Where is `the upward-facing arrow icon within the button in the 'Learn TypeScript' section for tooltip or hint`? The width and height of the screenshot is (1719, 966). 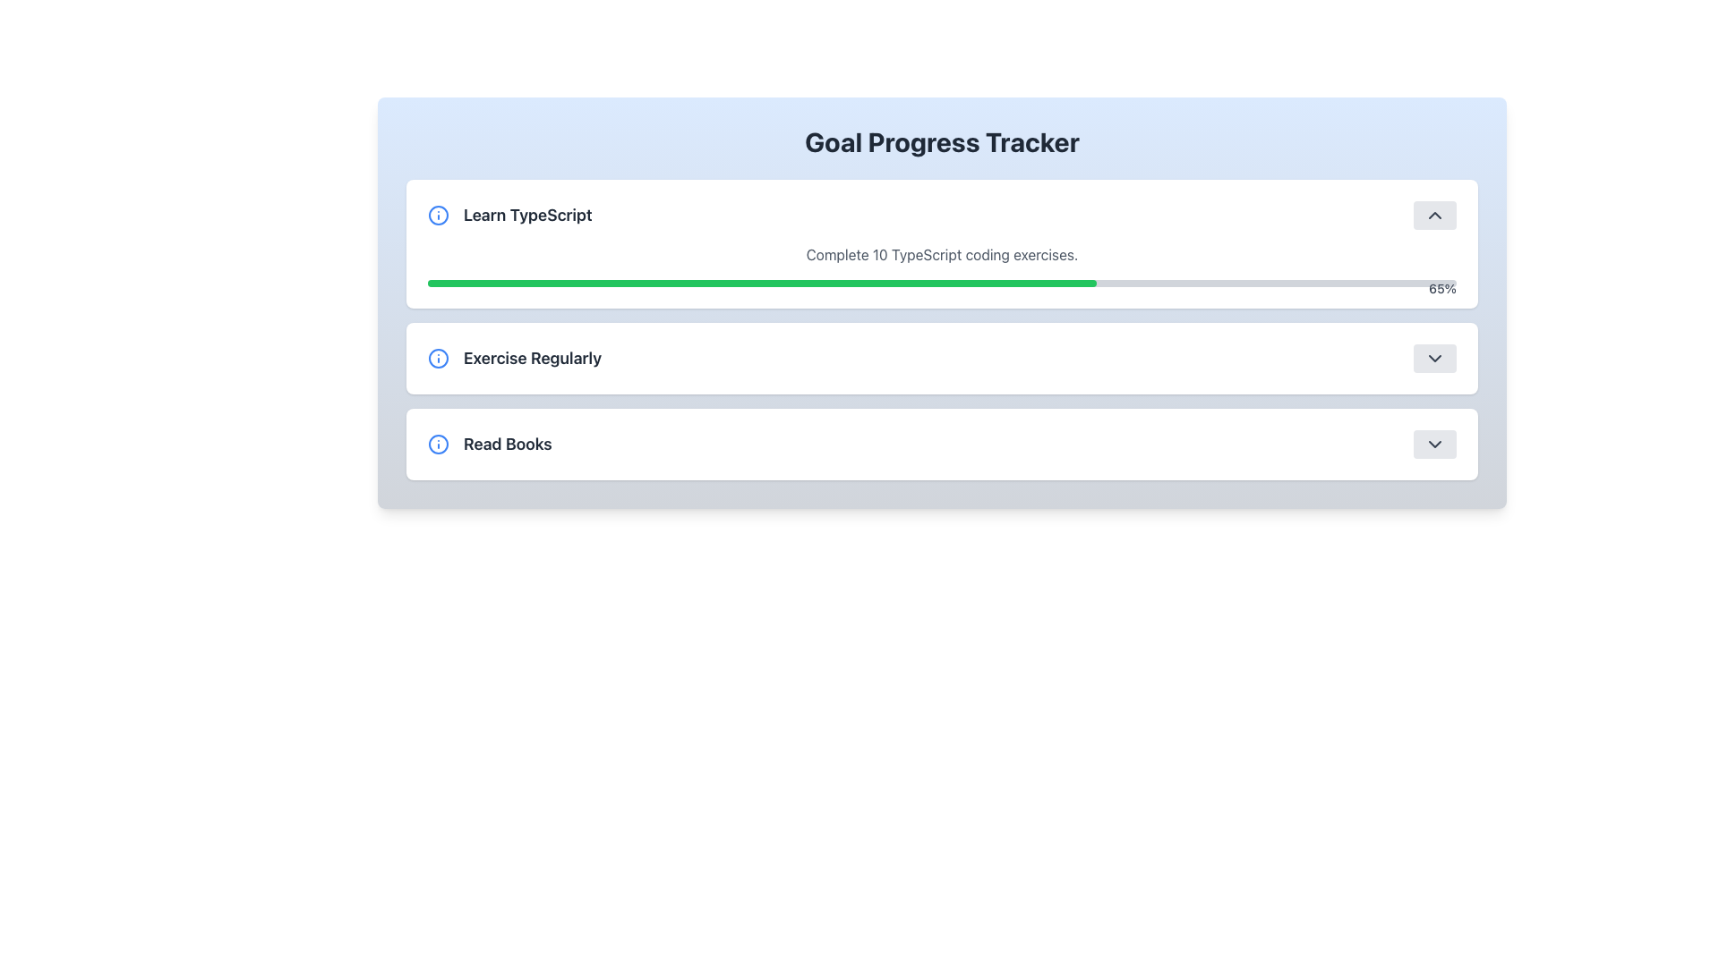 the upward-facing arrow icon within the button in the 'Learn TypeScript' section for tooltip or hint is located at coordinates (1435, 214).